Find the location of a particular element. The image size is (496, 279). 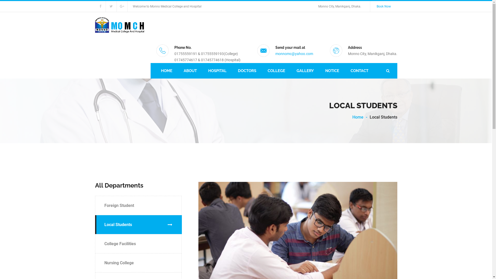

'Foreign Student' is located at coordinates (138, 205).